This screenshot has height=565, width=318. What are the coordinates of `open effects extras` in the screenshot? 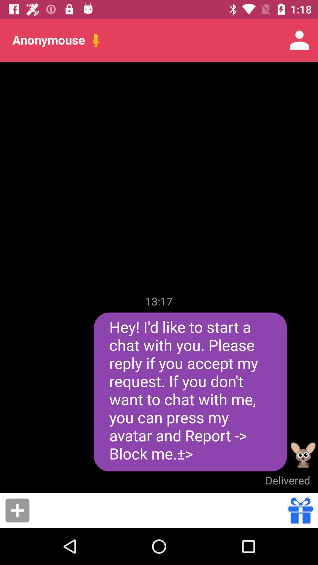 It's located at (300, 510).